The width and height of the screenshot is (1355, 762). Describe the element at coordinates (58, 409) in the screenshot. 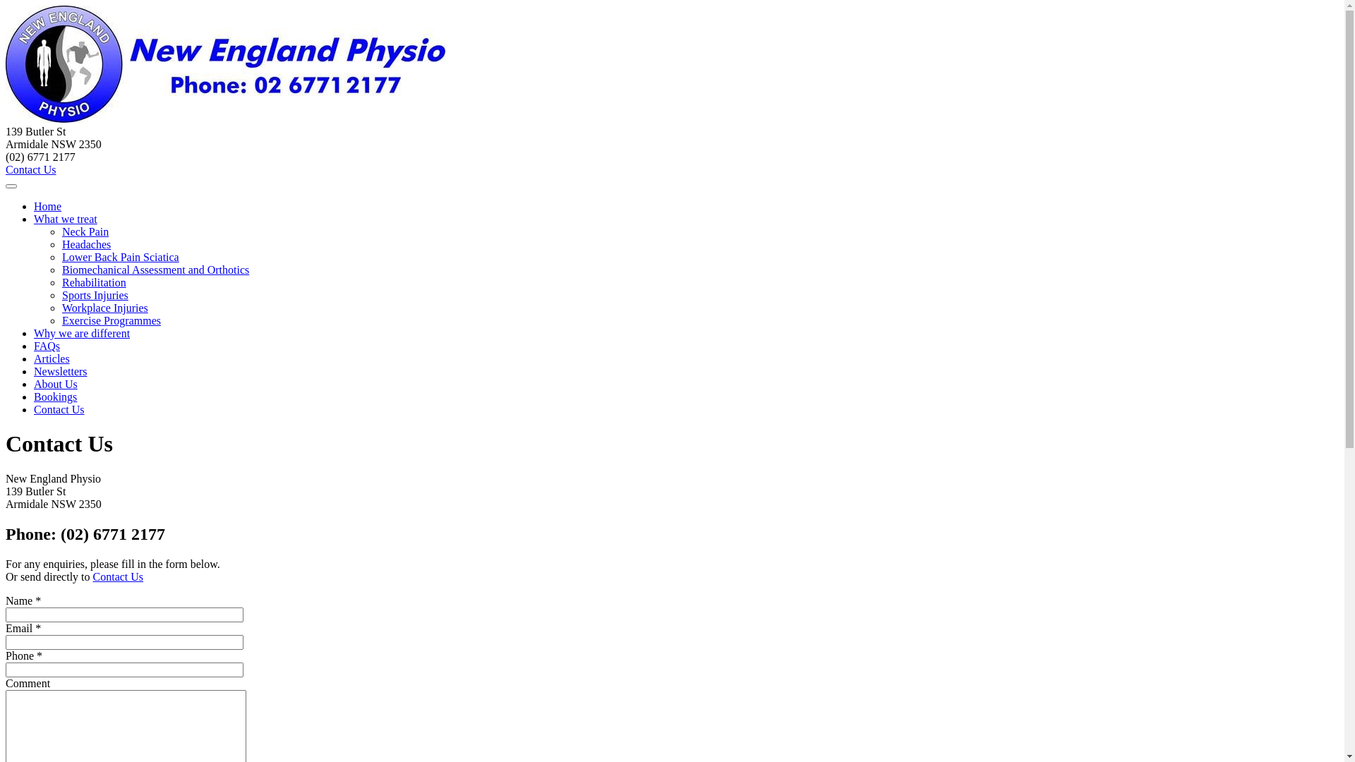

I see `'Contact Us'` at that location.